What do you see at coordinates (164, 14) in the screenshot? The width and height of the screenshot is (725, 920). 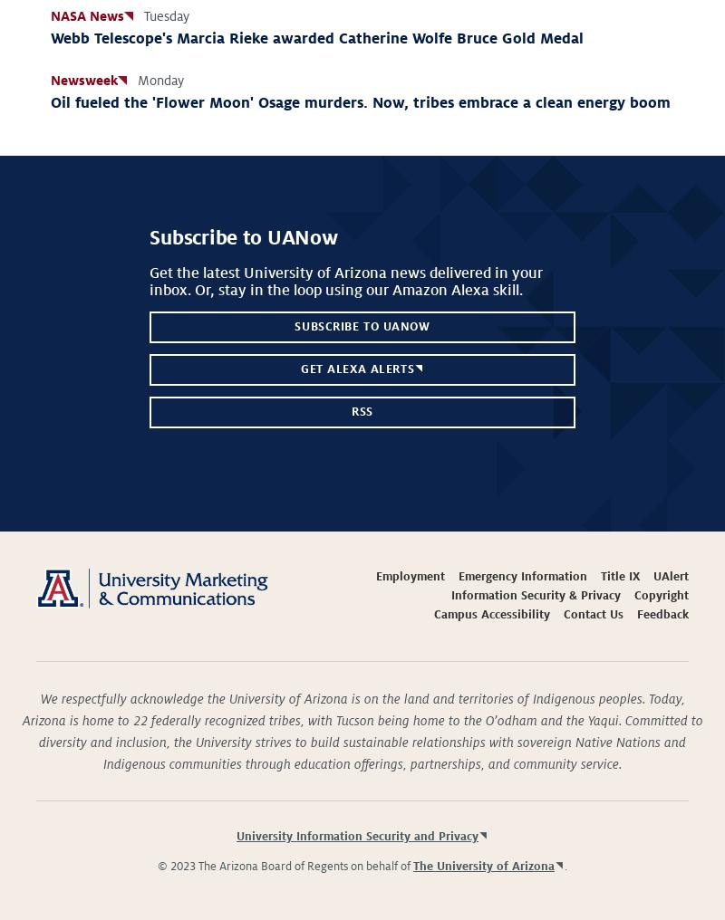 I see `'Tuesday'` at bounding box center [164, 14].